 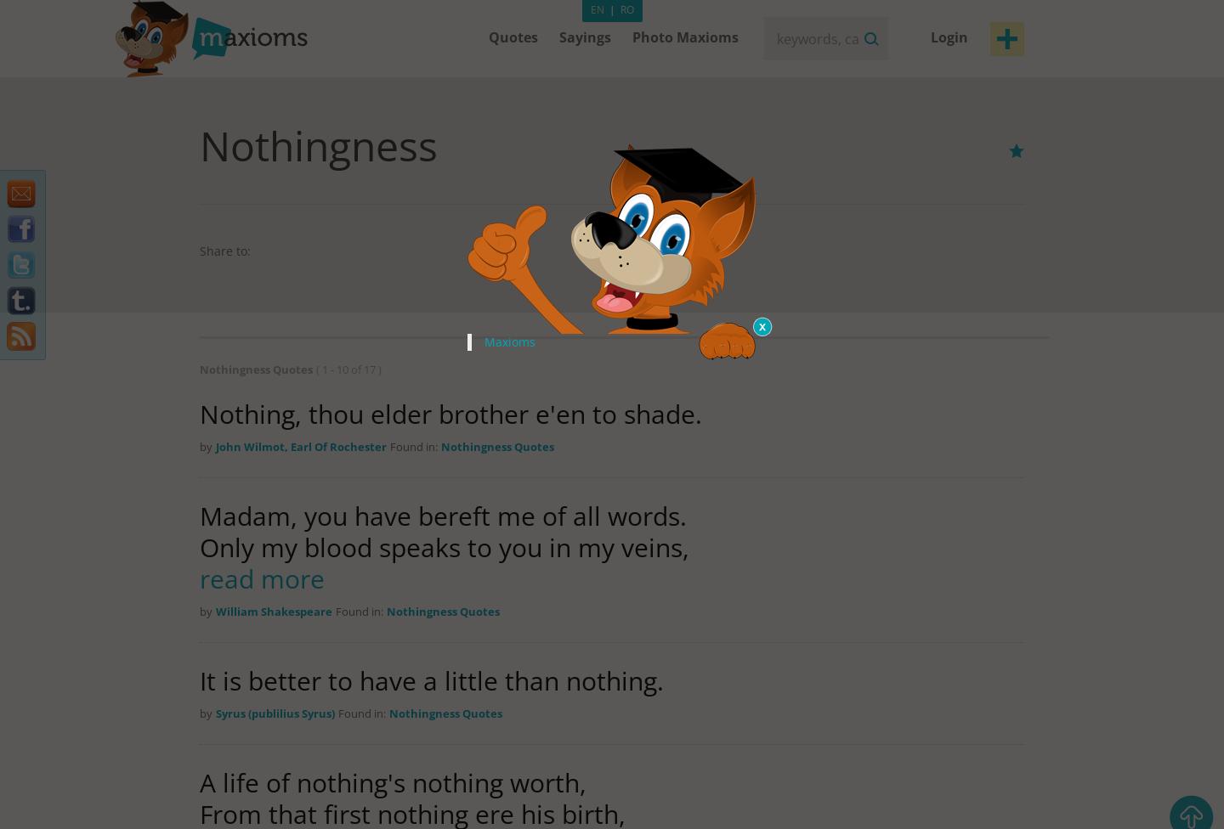 I want to click on 'Only my blood speaks to you in my veins,', so click(x=444, y=546).